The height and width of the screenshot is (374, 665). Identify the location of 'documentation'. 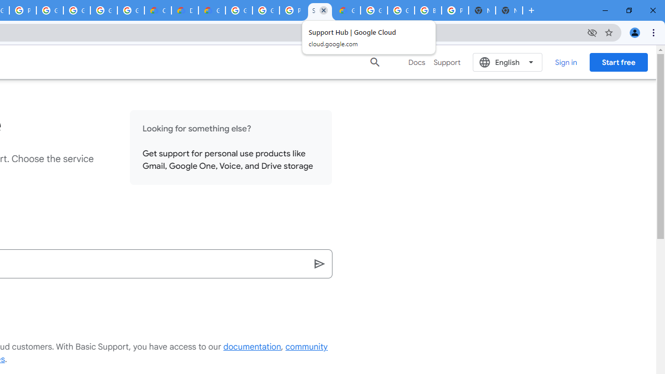
(252, 347).